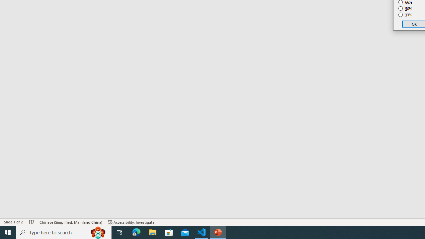 The image size is (425, 239). I want to click on 'Accessibility Checker Accessibility: Investigate', so click(131, 222).